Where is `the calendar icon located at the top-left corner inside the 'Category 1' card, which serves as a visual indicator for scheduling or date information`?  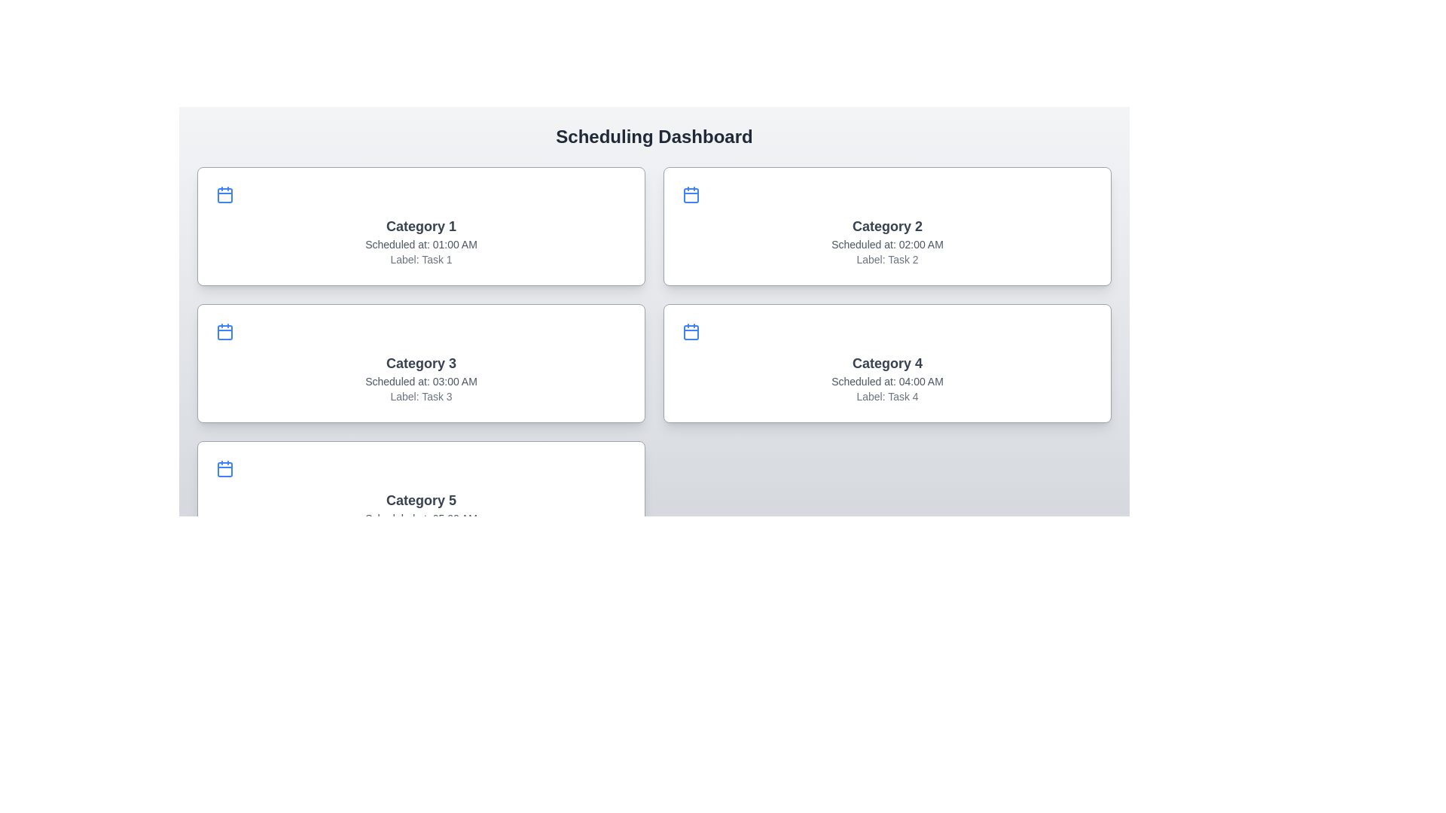
the calendar icon located at the top-left corner inside the 'Category 1' card, which serves as a visual indicator for scheduling or date information is located at coordinates (224, 193).